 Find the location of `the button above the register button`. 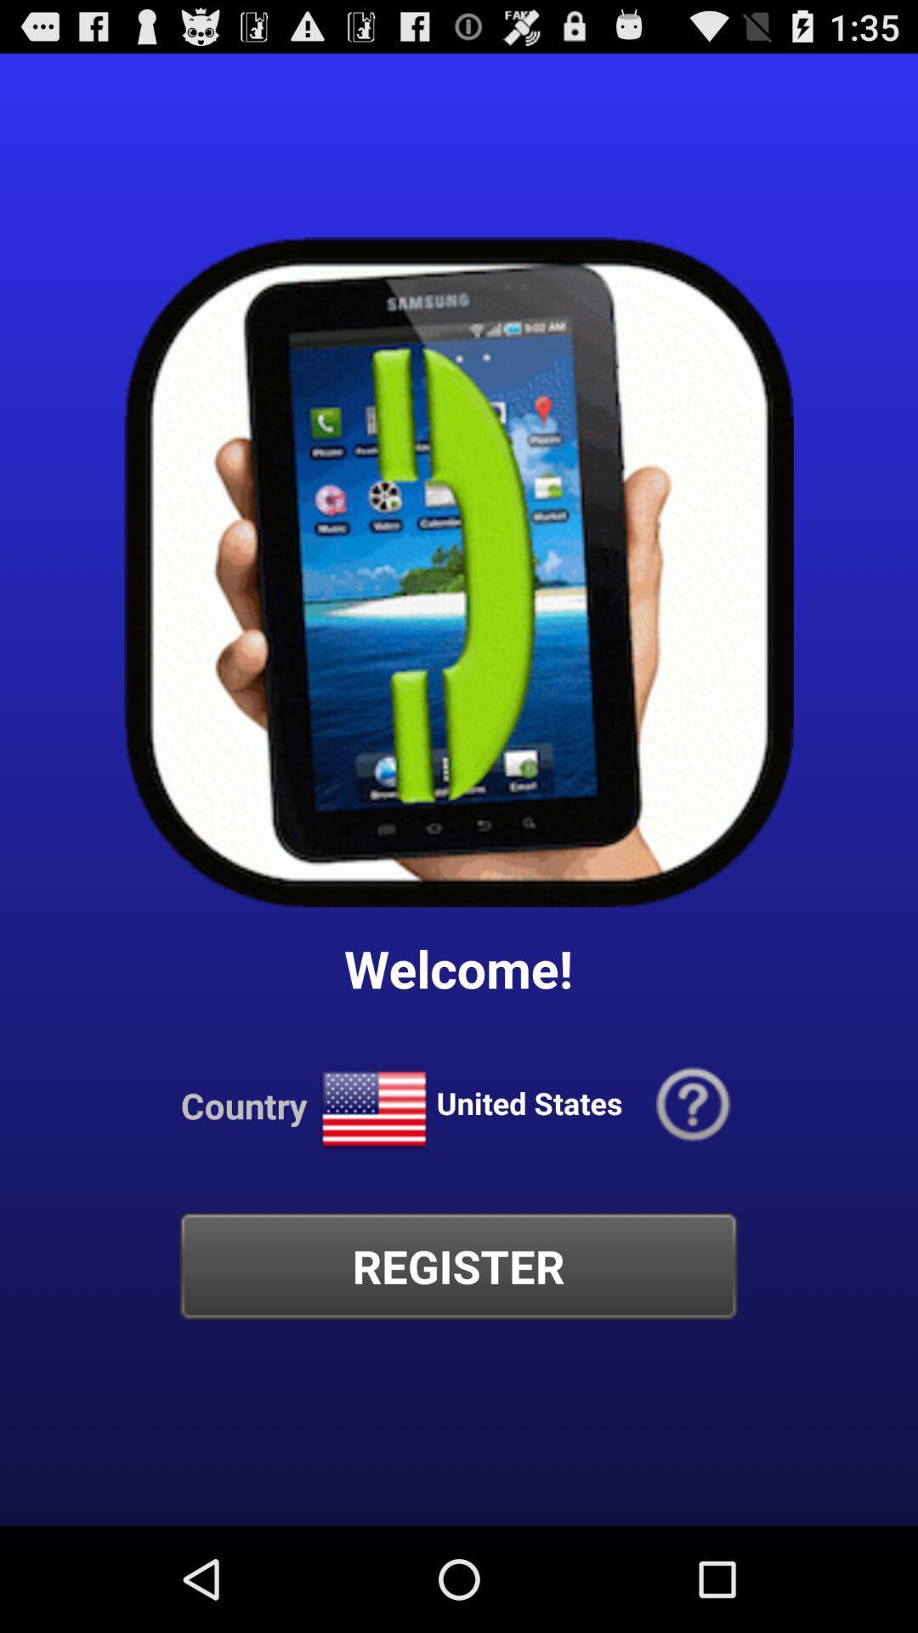

the button above the register button is located at coordinates (693, 1105).